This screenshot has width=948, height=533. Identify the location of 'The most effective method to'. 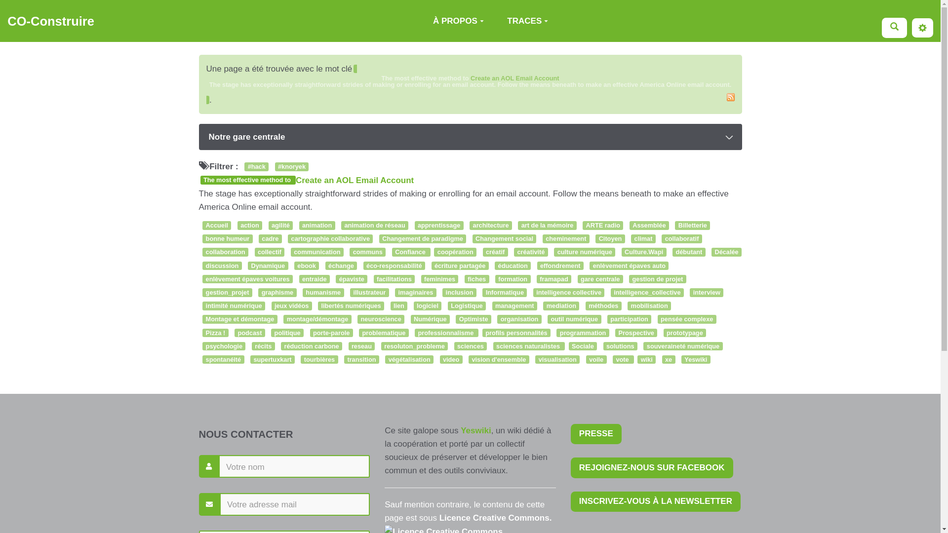
(248, 180).